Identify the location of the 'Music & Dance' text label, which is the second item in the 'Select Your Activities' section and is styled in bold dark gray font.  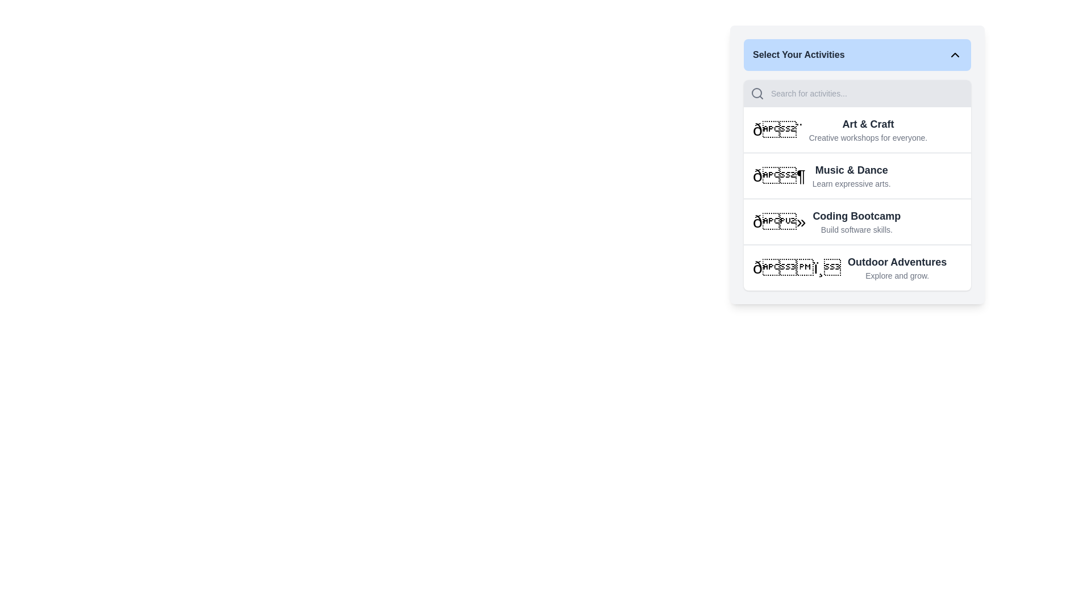
(851, 170).